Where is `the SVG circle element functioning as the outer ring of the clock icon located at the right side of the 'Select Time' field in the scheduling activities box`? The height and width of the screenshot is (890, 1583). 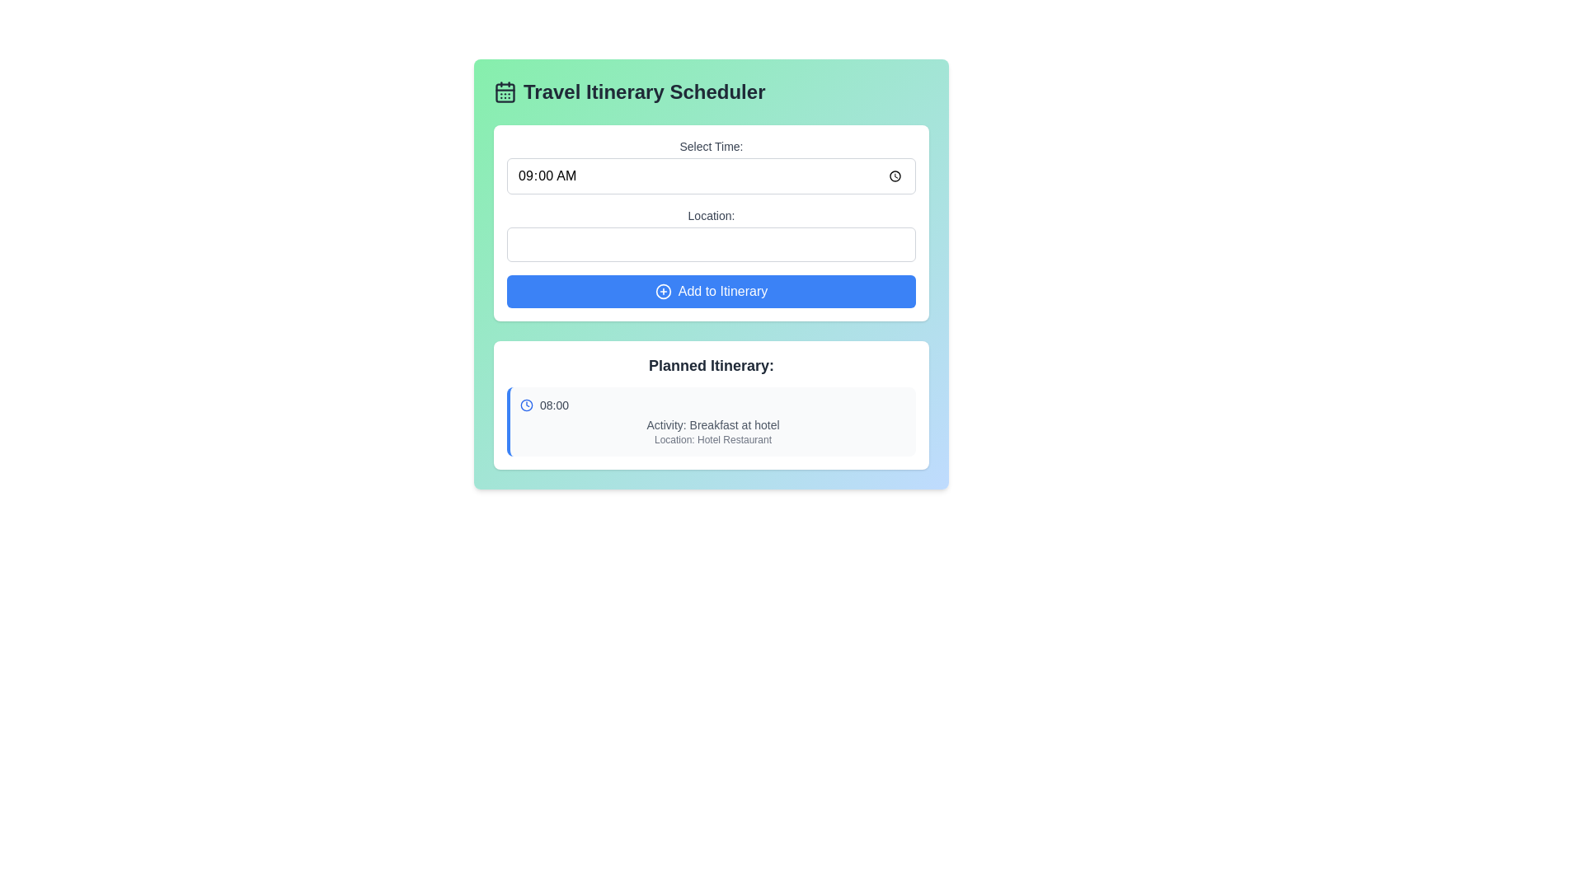
the SVG circle element functioning as the outer ring of the clock icon located at the right side of the 'Select Time' field in the scheduling activities box is located at coordinates (525, 405).